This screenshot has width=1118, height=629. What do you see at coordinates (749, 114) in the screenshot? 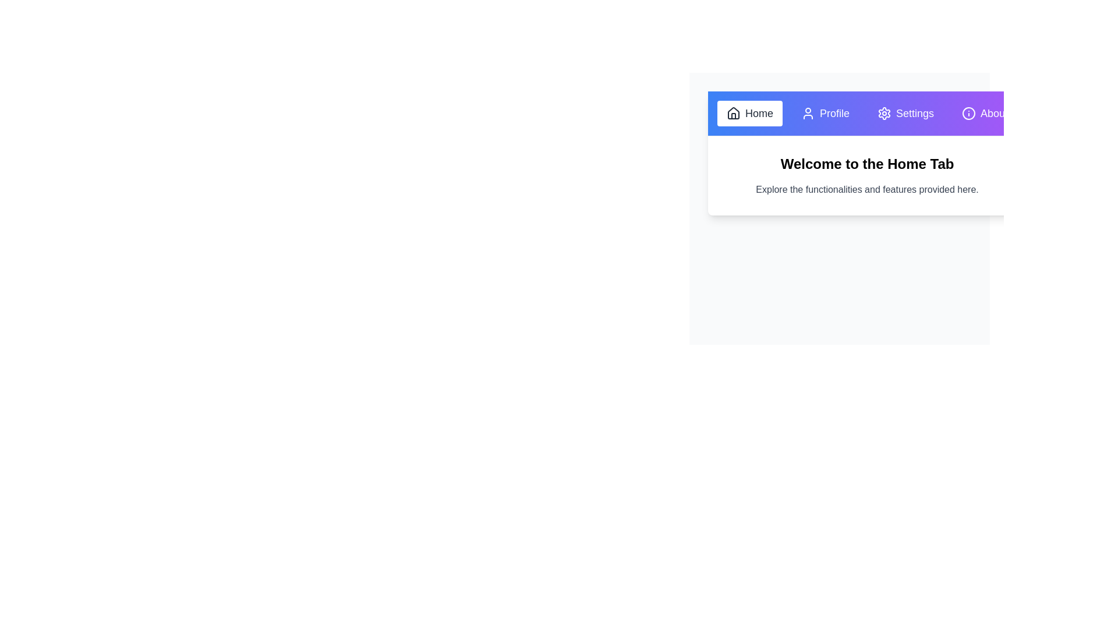
I see `the leftmost navigation button on the horizontal bar` at bounding box center [749, 114].